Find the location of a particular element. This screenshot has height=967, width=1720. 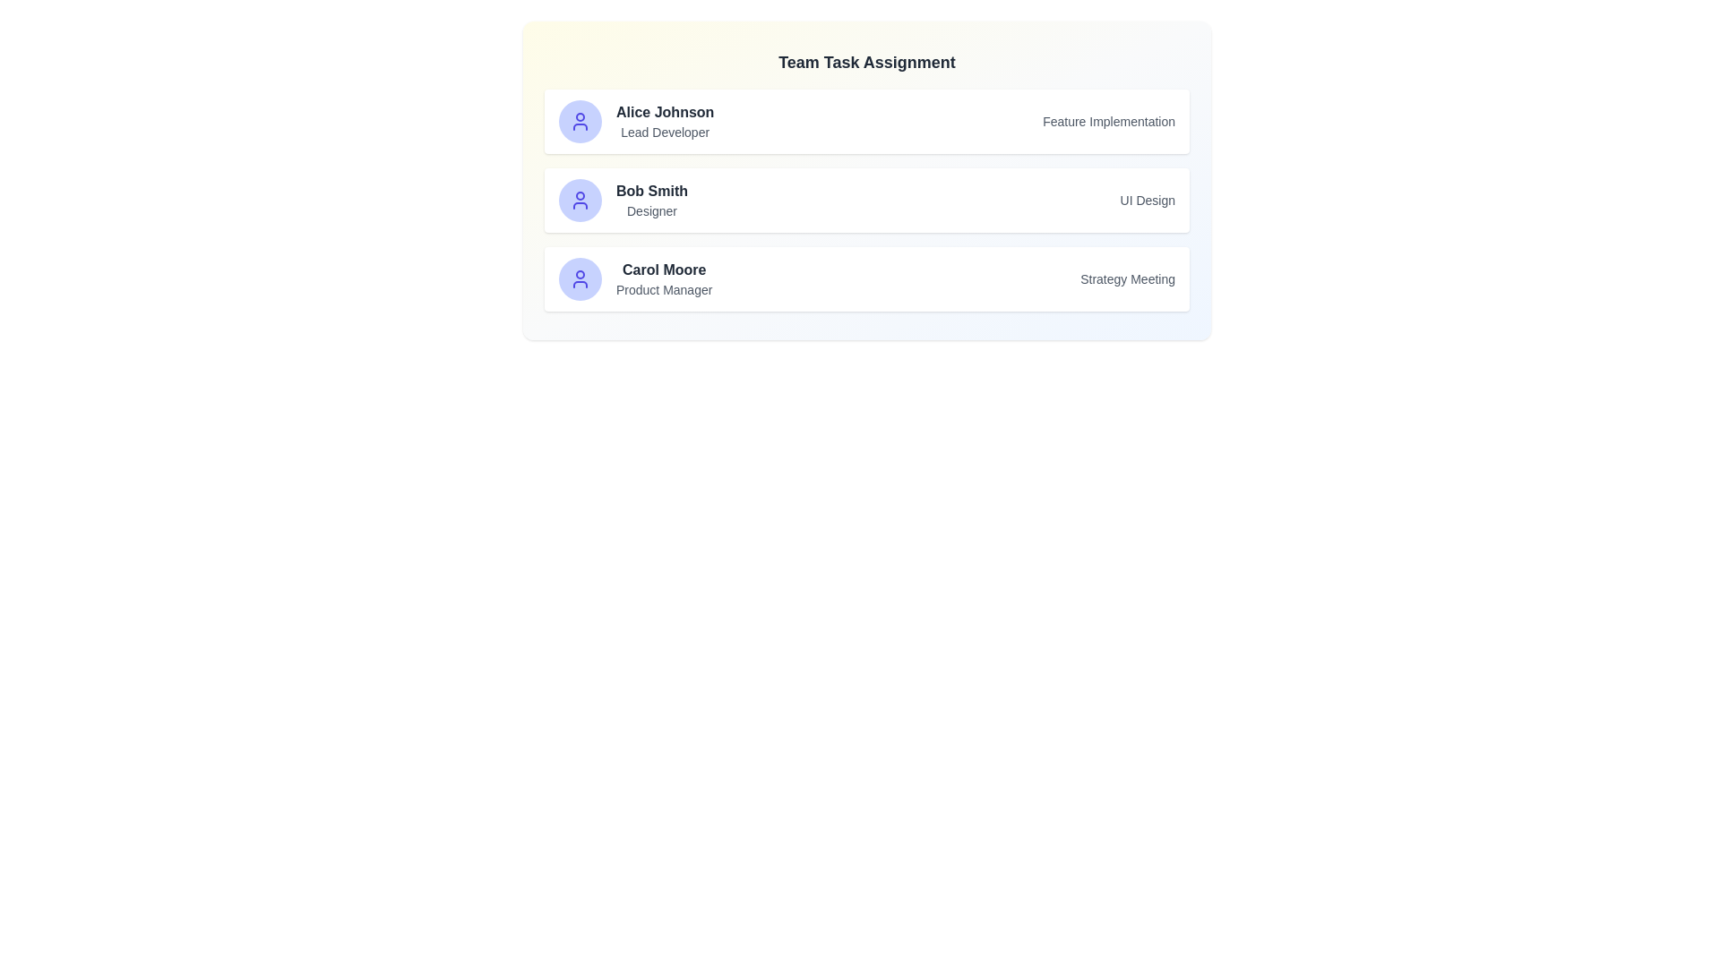

the 'Lead Developer' text label, which is styled in a smaller gray font and located below 'Alice Johnson' in a user information card layout is located at coordinates (664, 131).